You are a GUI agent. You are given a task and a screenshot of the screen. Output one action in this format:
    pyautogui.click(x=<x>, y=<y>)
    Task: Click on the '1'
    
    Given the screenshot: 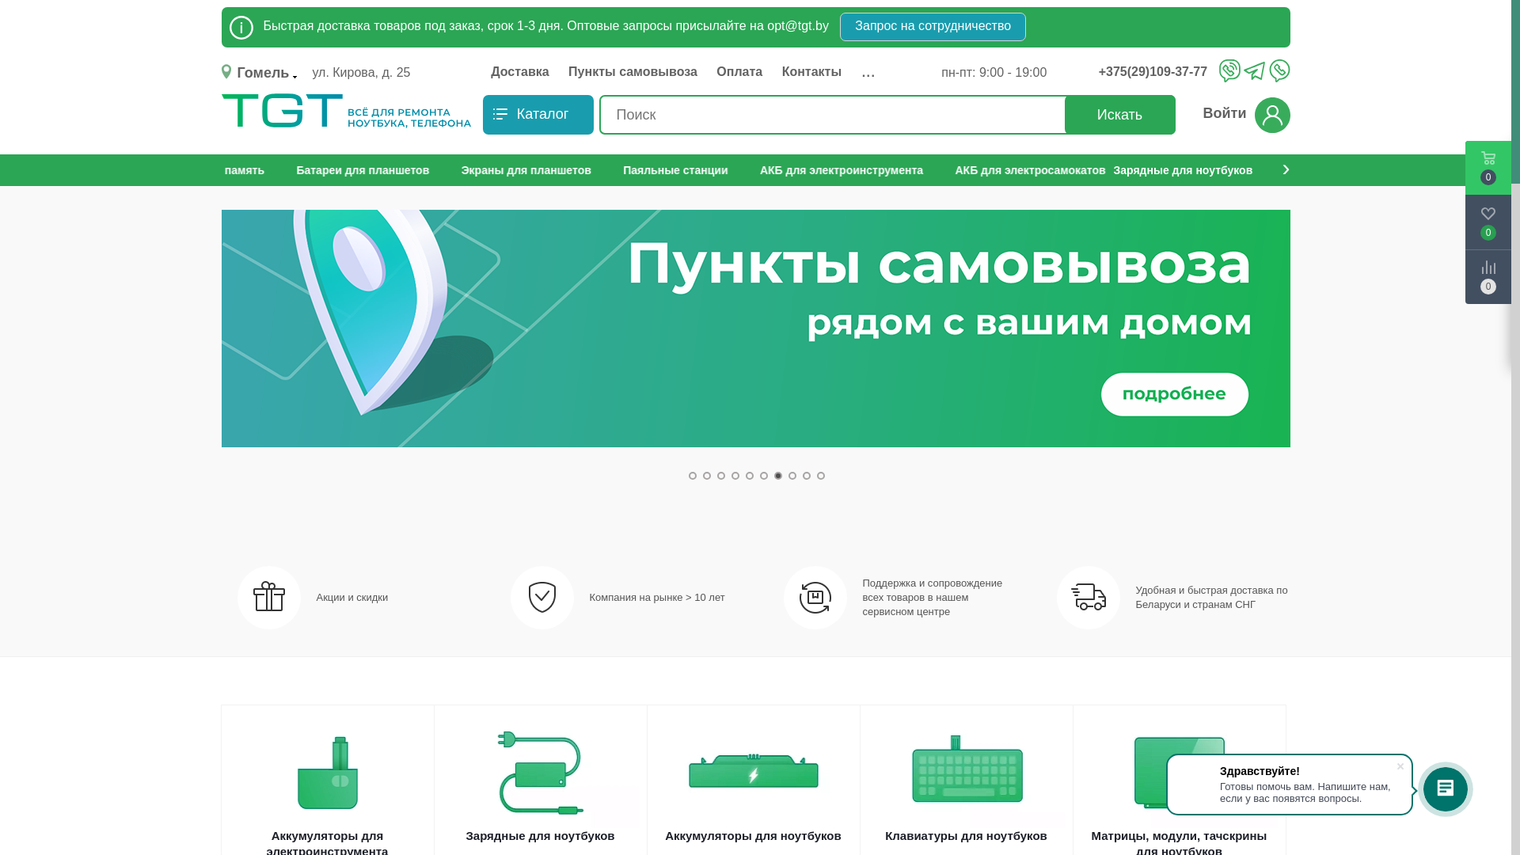 What is the action you would take?
    pyautogui.click(x=692, y=475)
    